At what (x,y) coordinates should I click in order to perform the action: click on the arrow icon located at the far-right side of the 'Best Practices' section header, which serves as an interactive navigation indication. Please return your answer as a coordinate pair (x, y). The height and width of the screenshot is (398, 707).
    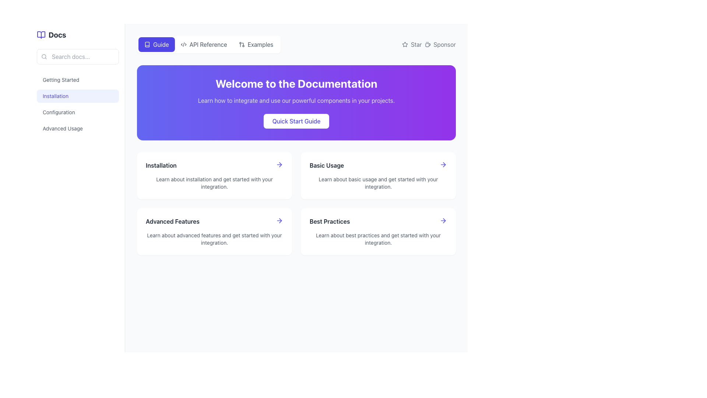
    Looking at the image, I should click on (443, 220).